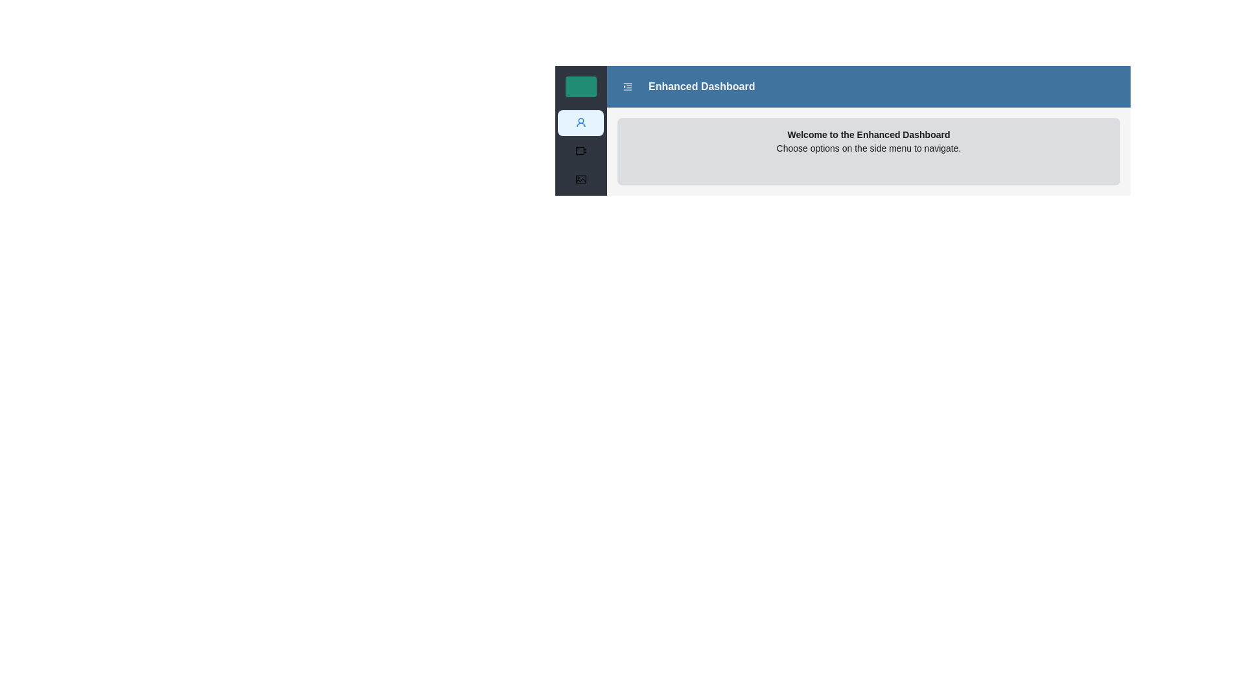  I want to click on the Icon button located in the top navigation bar near the left-hand side, so click(628, 87).